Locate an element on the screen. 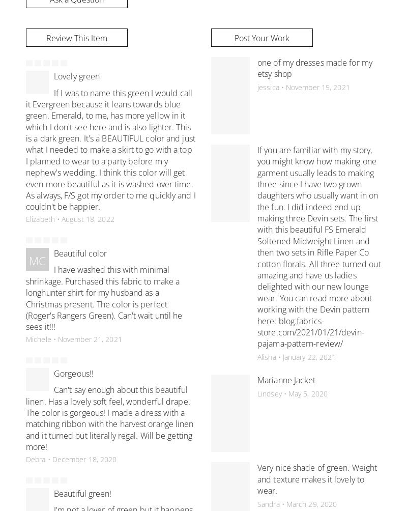 Image resolution: width=407 pixels, height=511 pixels. 'Very nice shade of green. Weight and texture makes it lovely to wear.' is located at coordinates (317, 478).